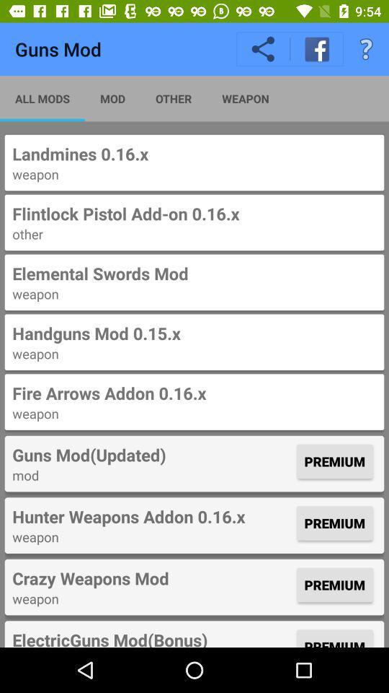 The width and height of the screenshot is (389, 693). What do you see at coordinates (194, 213) in the screenshot?
I see `the flintlock pistol add item` at bounding box center [194, 213].